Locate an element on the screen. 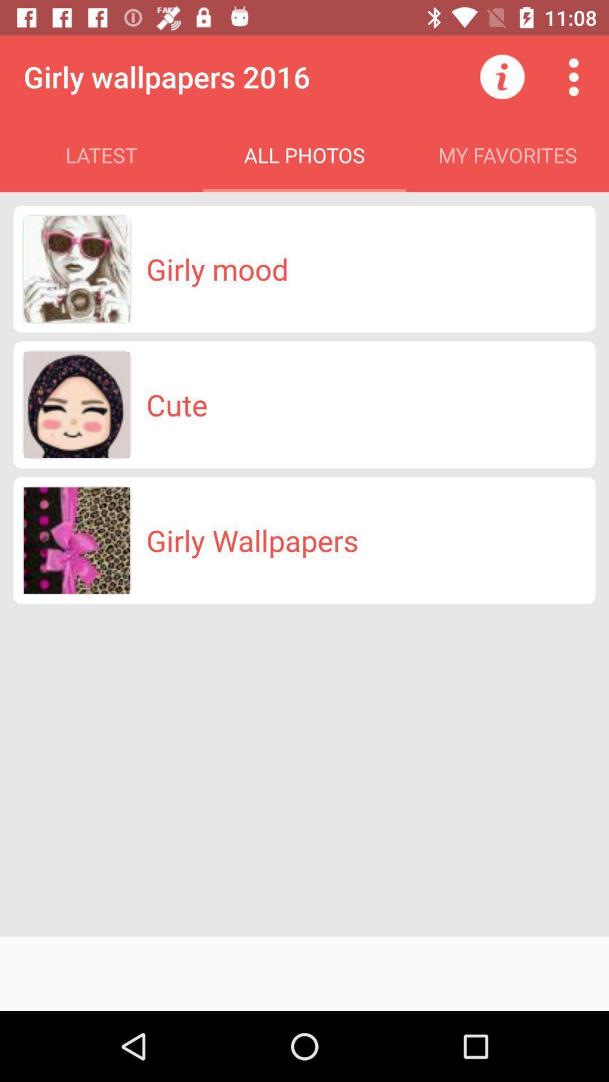  option is located at coordinates (573, 76).